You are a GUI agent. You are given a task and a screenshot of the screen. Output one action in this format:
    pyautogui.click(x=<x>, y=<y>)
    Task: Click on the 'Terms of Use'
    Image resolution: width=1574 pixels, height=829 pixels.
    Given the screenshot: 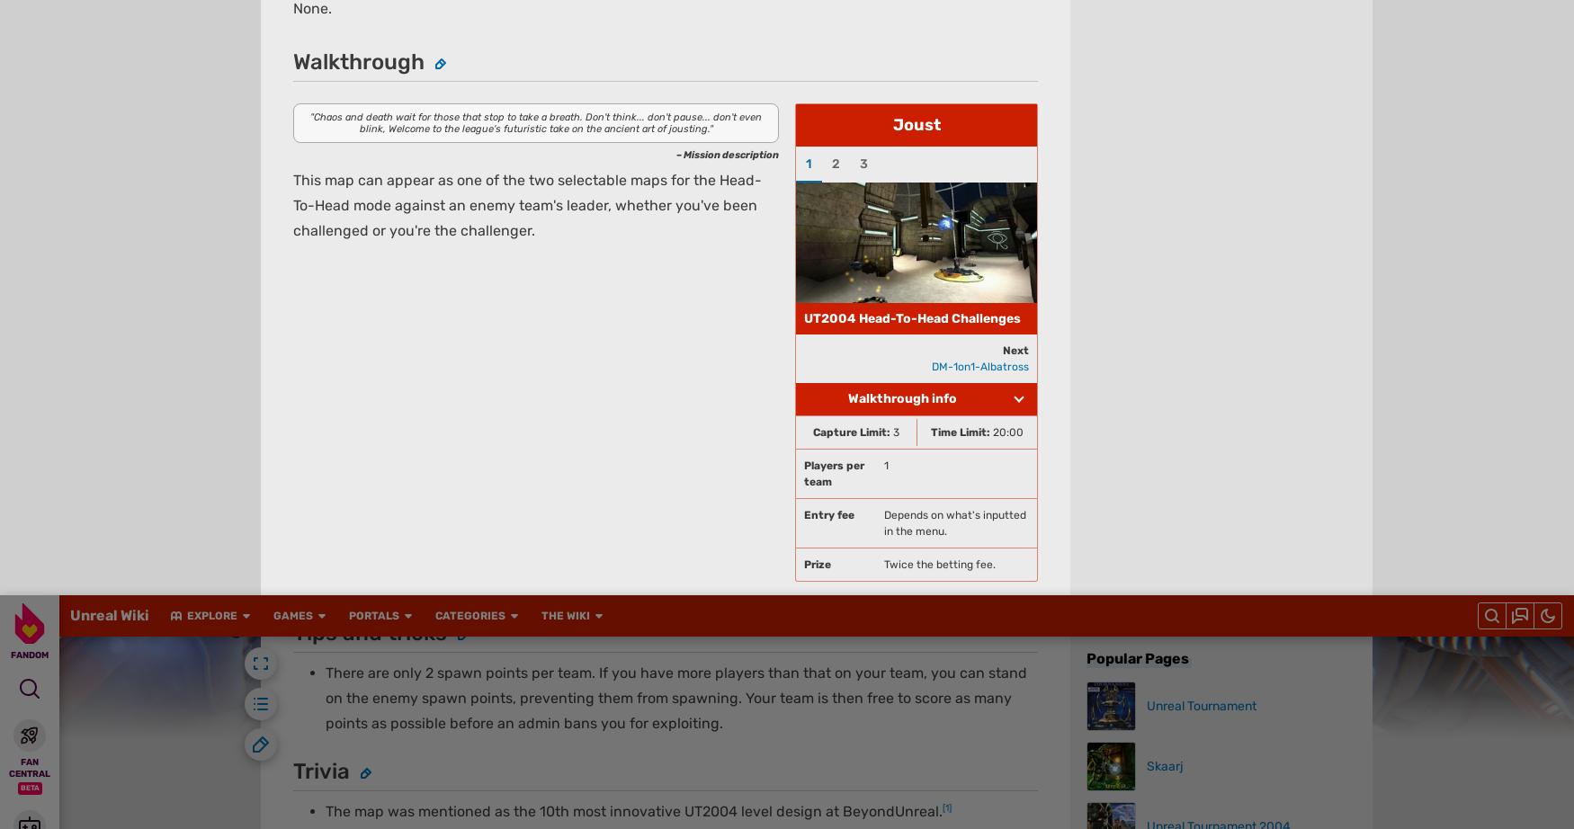 What is the action you would take?
    pyautogui.click(x=637, y=31)
    